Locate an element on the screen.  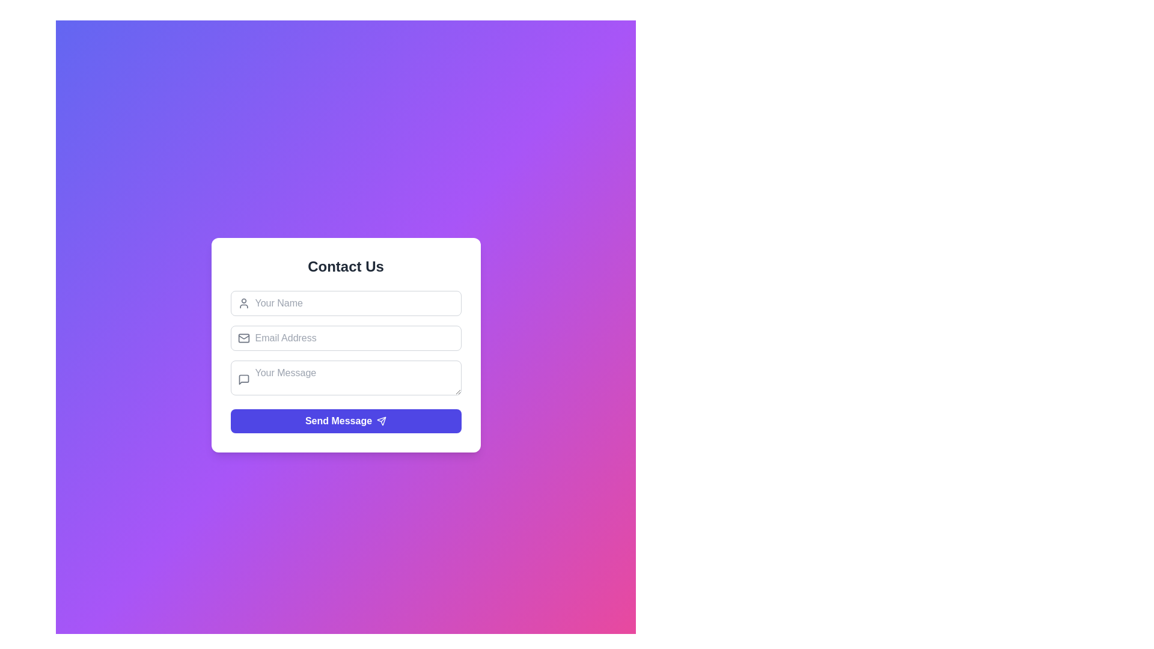
the third input field in the 'Contact Us' form to focus on it is located at coordinates (345, 380).